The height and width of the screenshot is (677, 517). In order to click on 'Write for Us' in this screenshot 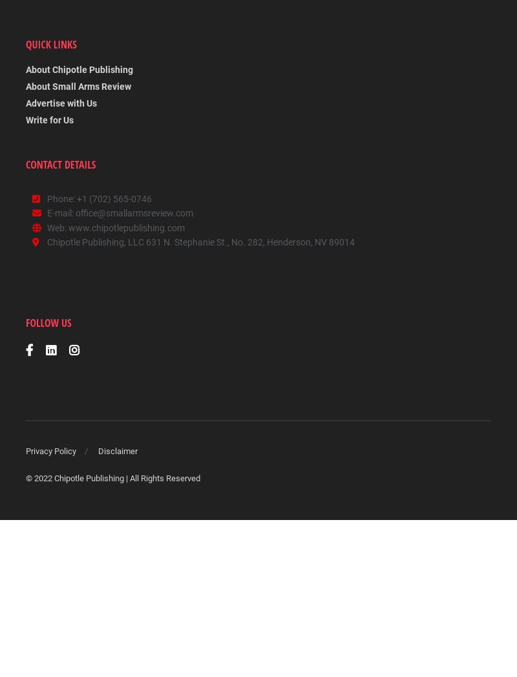, I will do `click(25, 121)`.